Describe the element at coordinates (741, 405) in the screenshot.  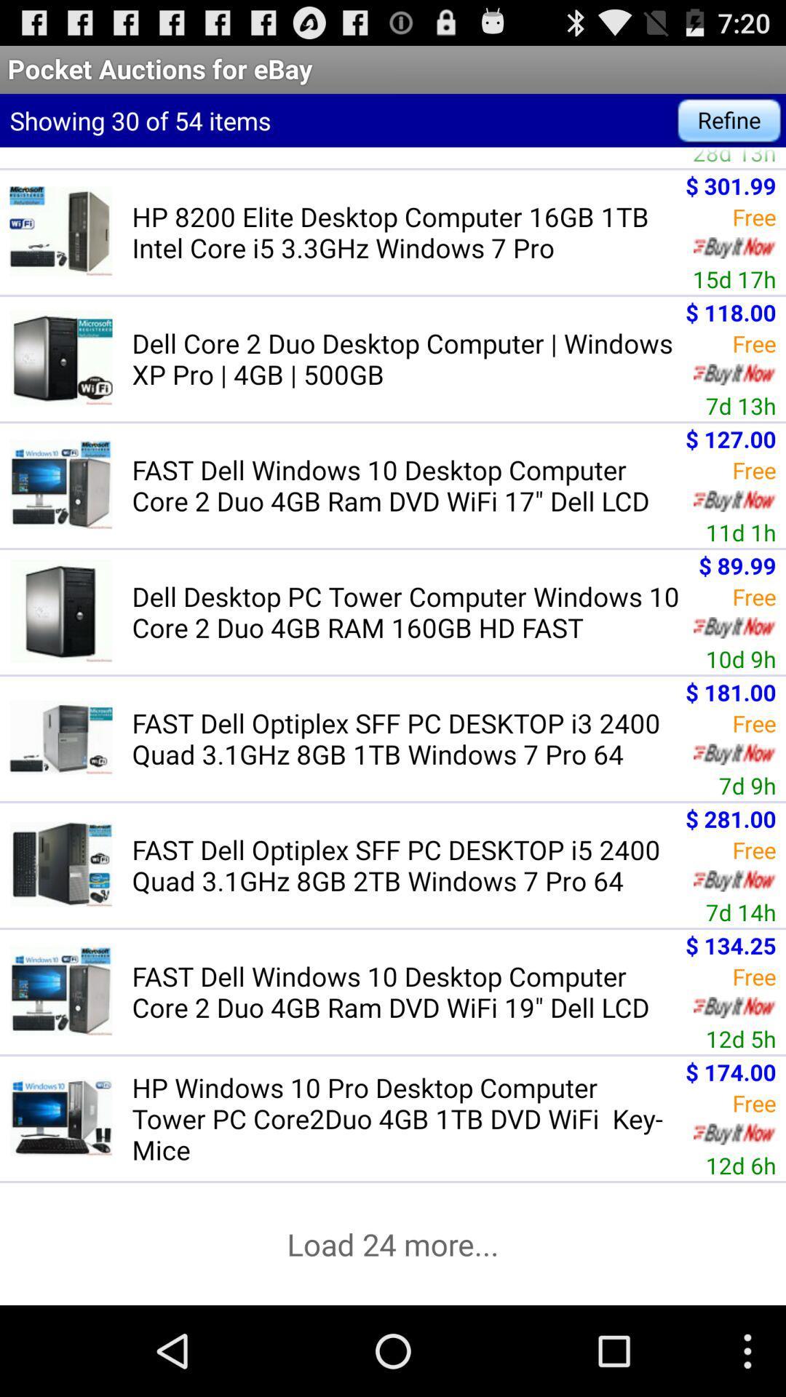
I see `the 7d 13h` at that location.